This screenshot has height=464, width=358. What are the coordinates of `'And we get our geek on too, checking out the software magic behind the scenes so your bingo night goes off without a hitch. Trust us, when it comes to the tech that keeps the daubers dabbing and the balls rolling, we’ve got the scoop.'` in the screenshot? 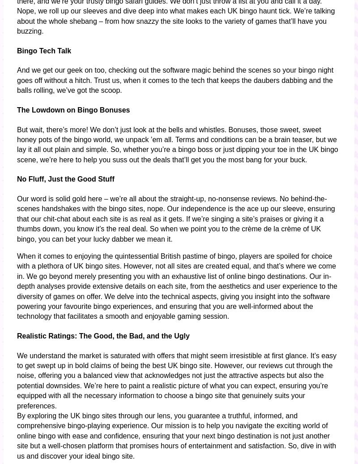 It's located at (175, 80).